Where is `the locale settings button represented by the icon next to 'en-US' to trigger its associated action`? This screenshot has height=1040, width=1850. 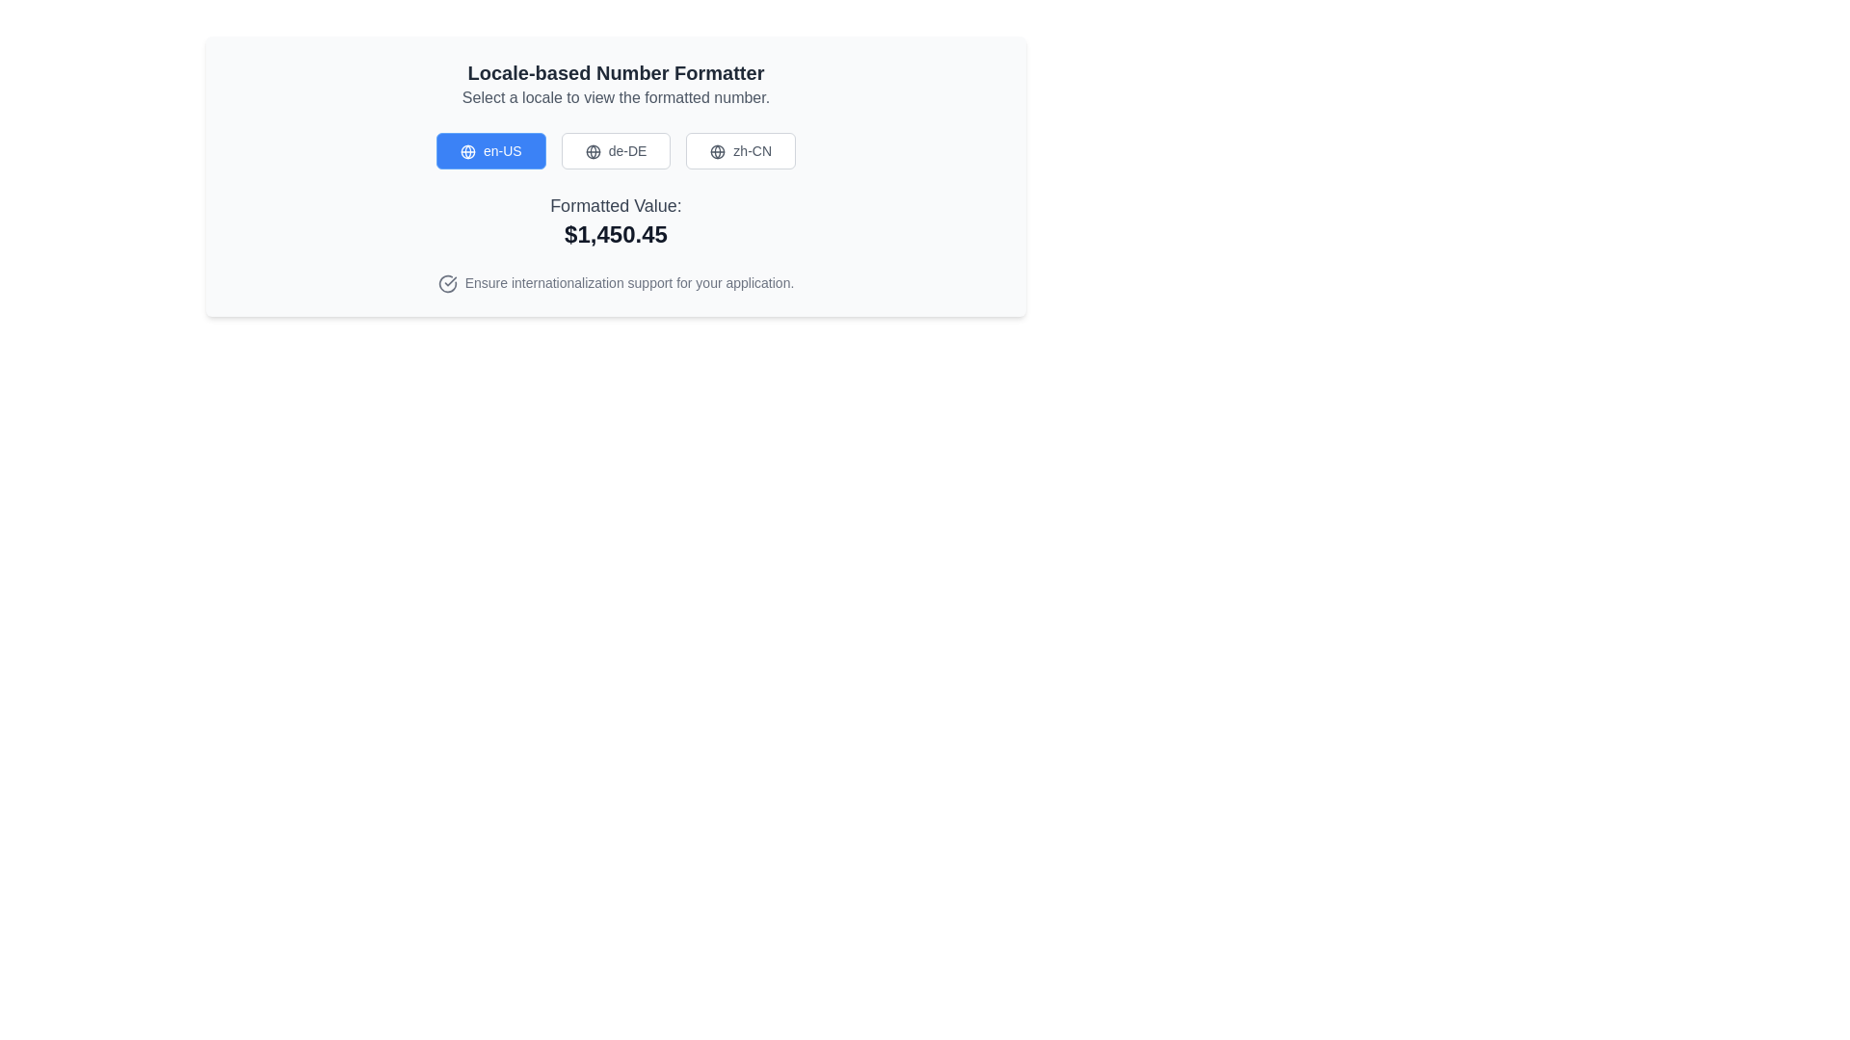
the locale settings button represented by the icon next to 'en-US' to trigger its associated action is located at coordinates (467, 151).